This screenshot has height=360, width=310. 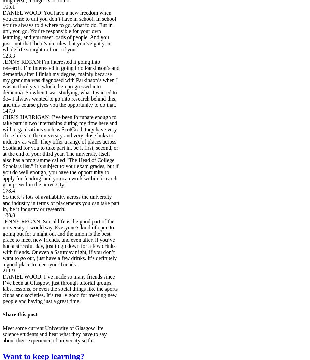 I want to click on '211.9', so click(x=8, y=270).